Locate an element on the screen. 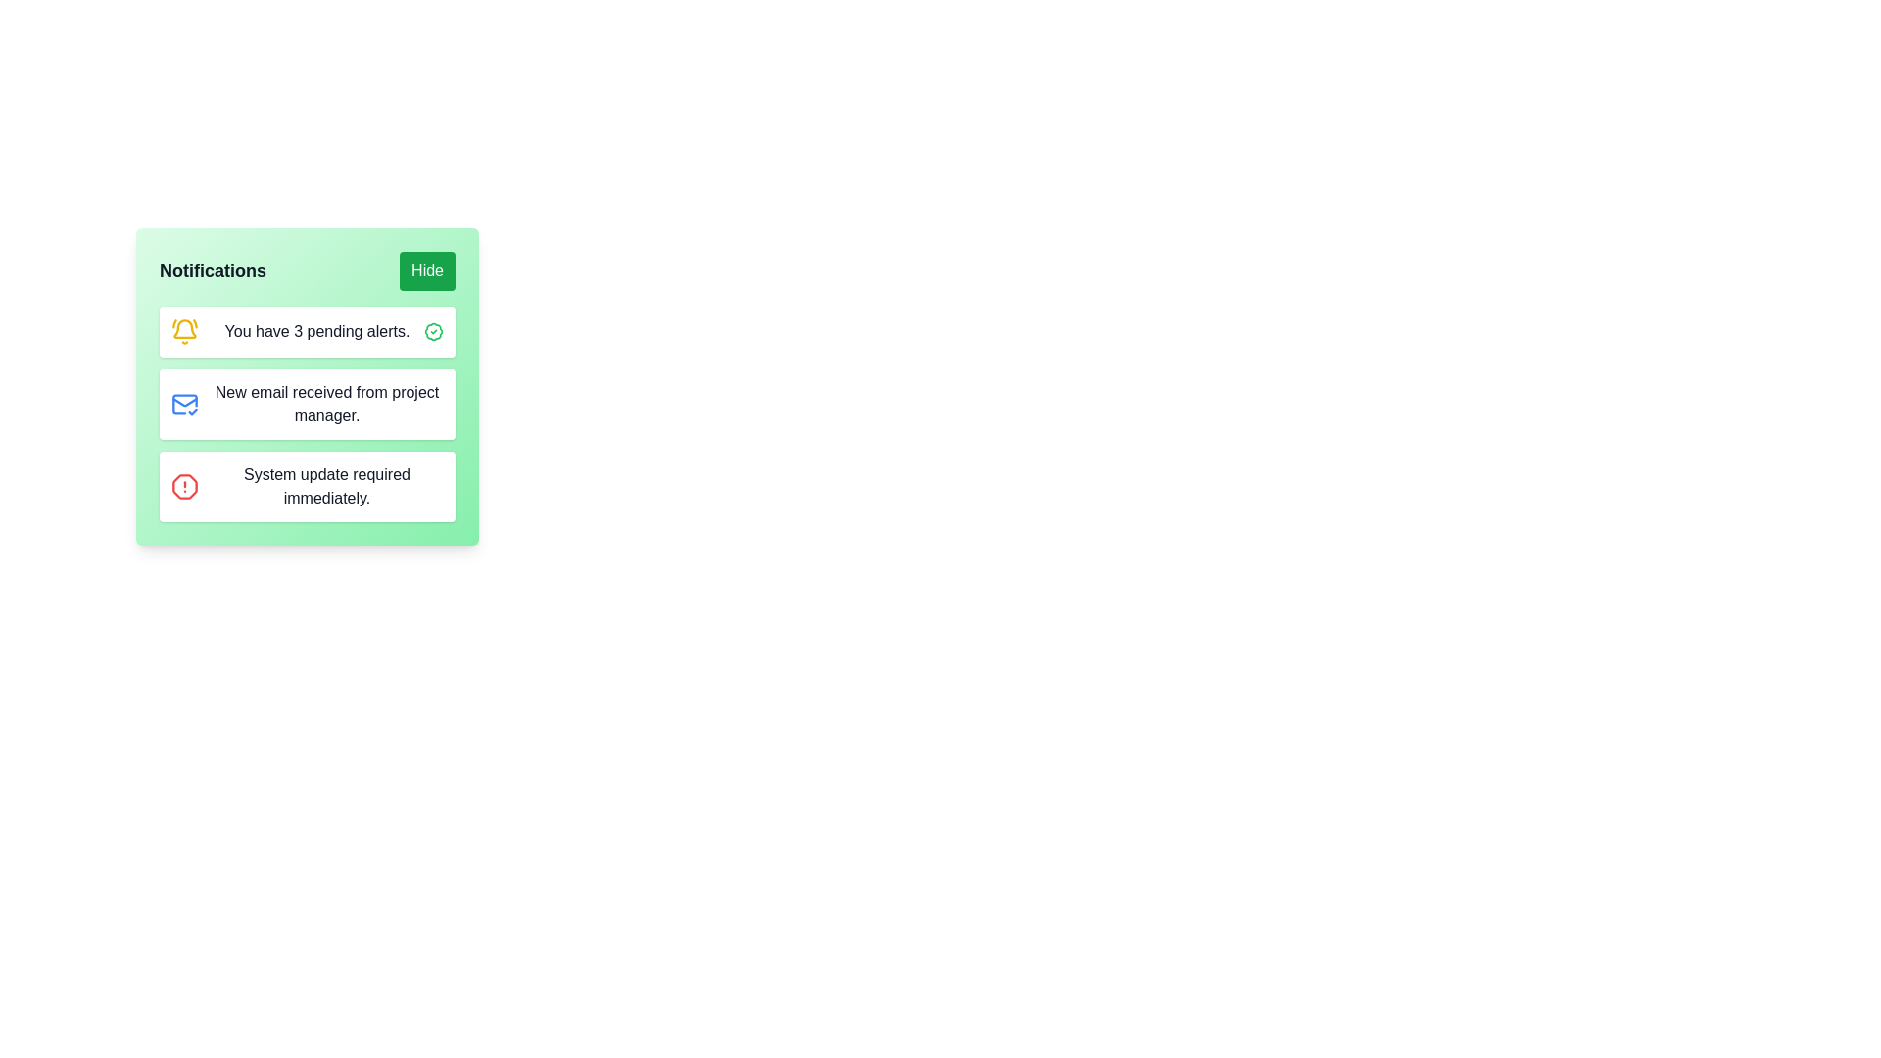 The image size is (1881, 1058). the button located next to the 'Notifications' title in the top-right corner of the notification panel to hide the panel is located at coordinates (426, 271).